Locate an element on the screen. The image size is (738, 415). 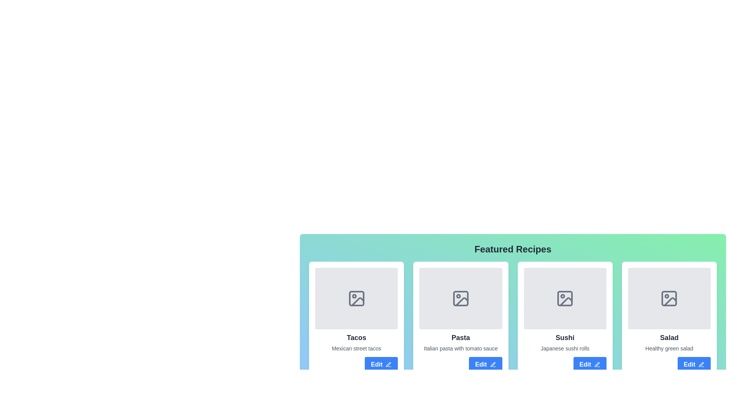
the SVG graphic icon representing an image placeholder, which is located at the top-center of the 'Salad' card in the 'Featured Recipes' section is located at coordinates (669, 298).